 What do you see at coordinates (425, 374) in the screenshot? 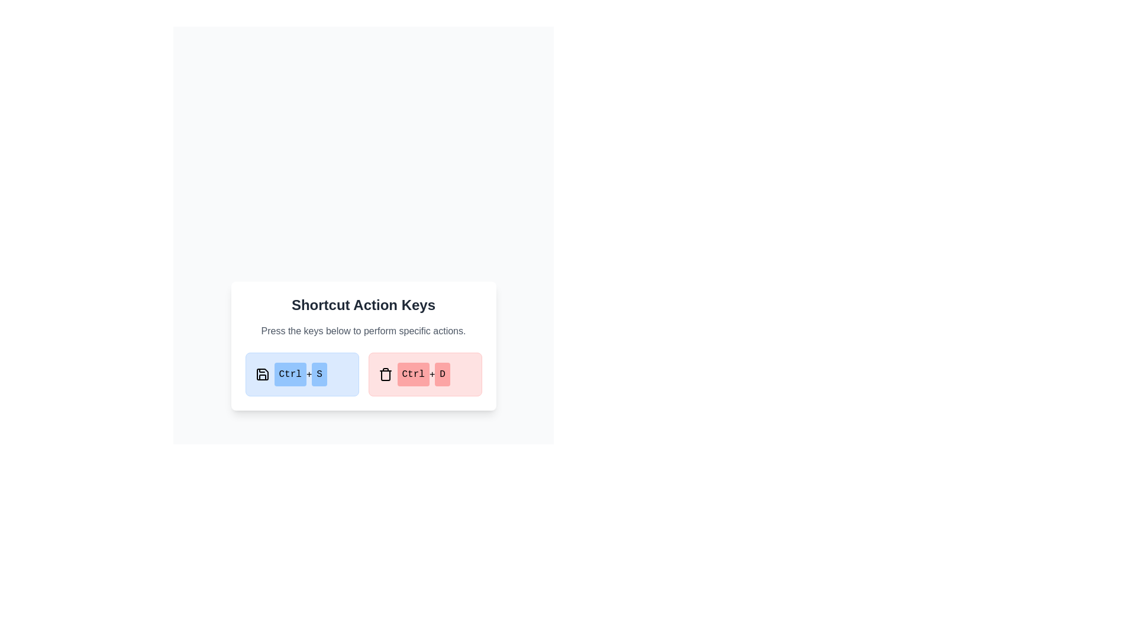
I see `the button with a red background, rounded borders, labeled 'Ctrl+D', and a trash can icon on its left, located on the right side of the grid layout` at bounding box center [425, 374].